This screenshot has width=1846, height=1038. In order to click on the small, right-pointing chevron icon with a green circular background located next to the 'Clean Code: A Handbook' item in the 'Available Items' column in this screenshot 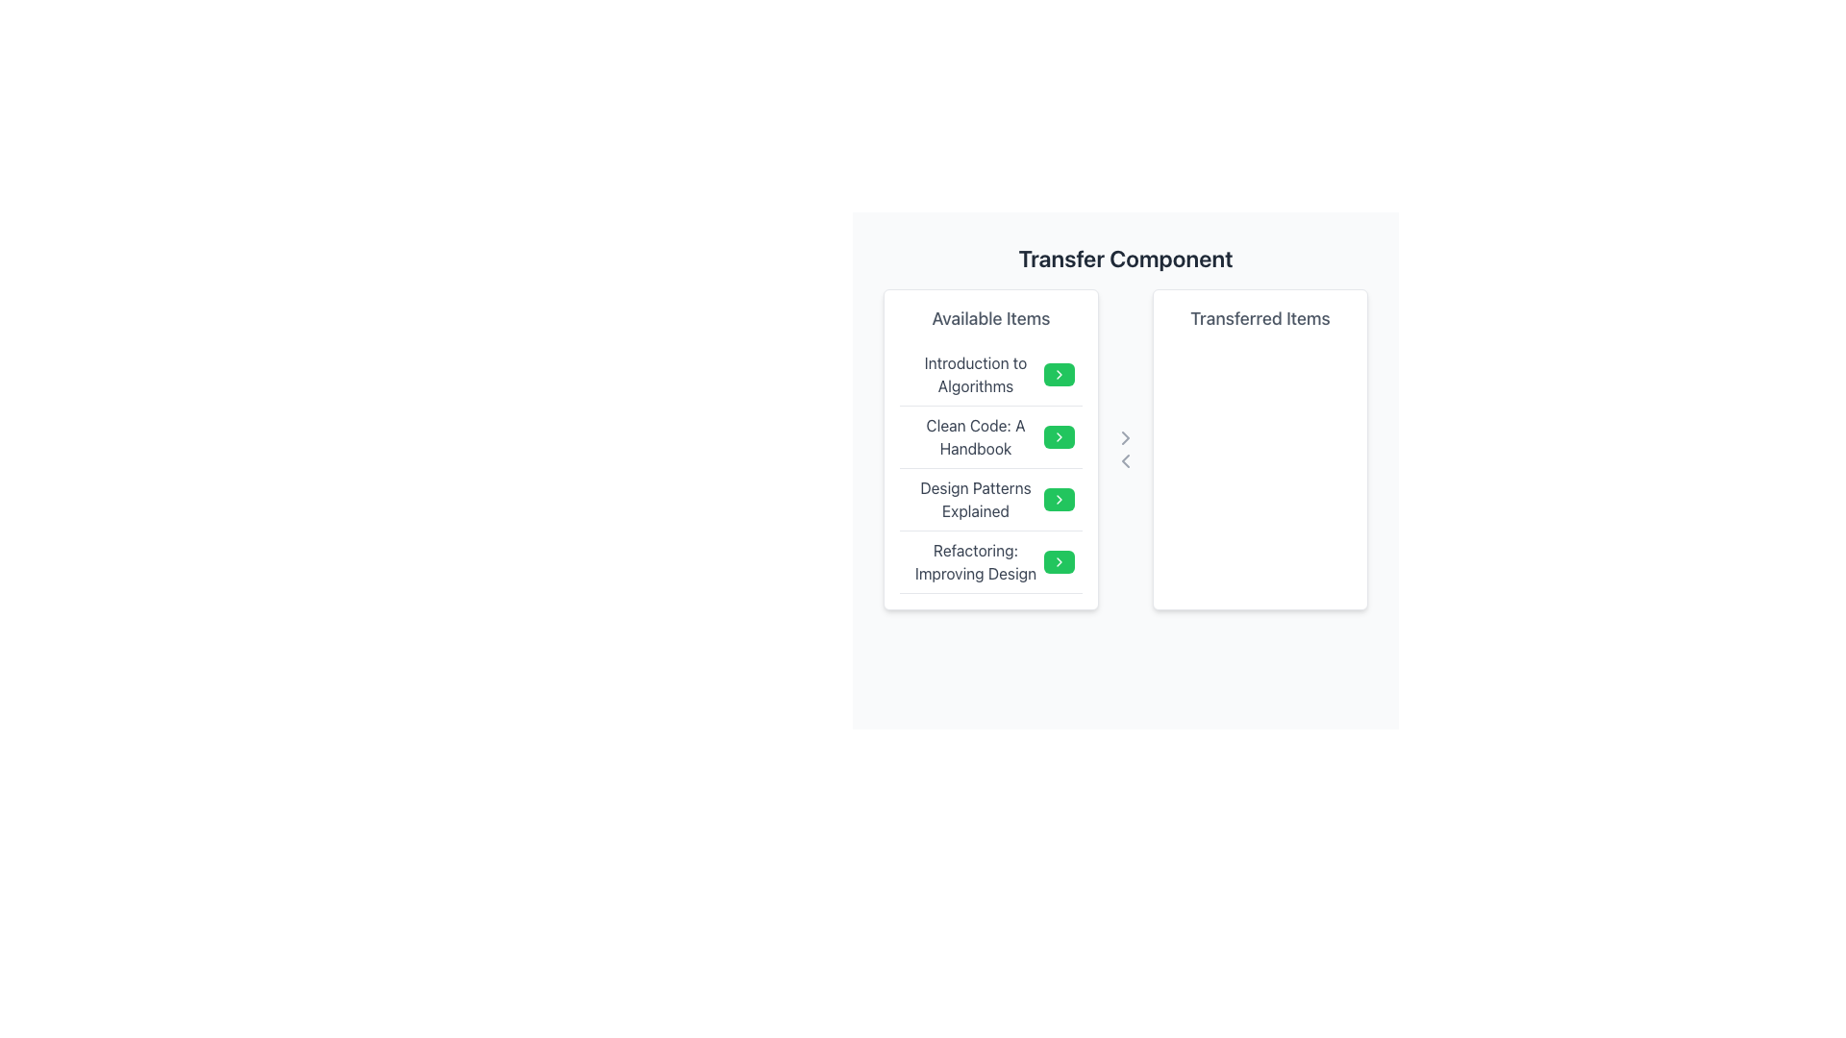, I will do `click(1059, 437)`.